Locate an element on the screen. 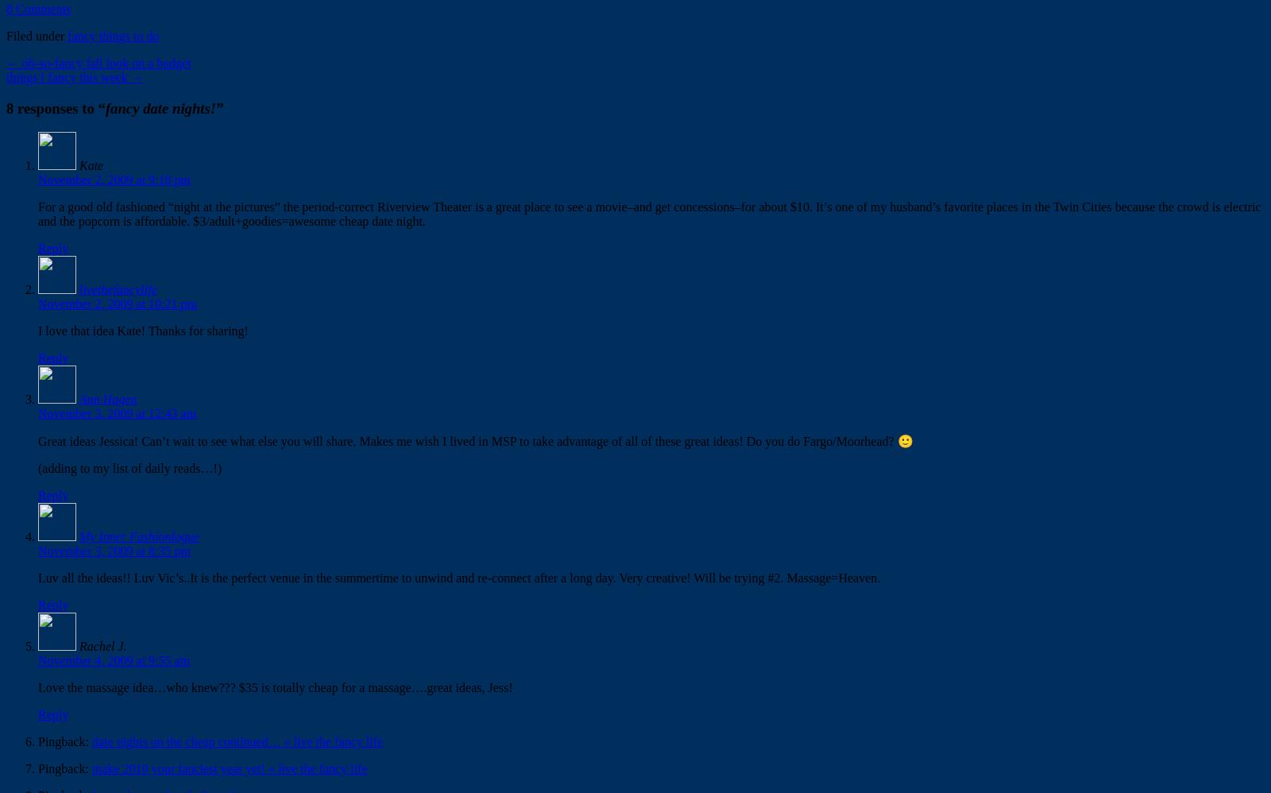  'date nights on the cheap continued… « live the fancy life' is located at coordinates (238, 741).